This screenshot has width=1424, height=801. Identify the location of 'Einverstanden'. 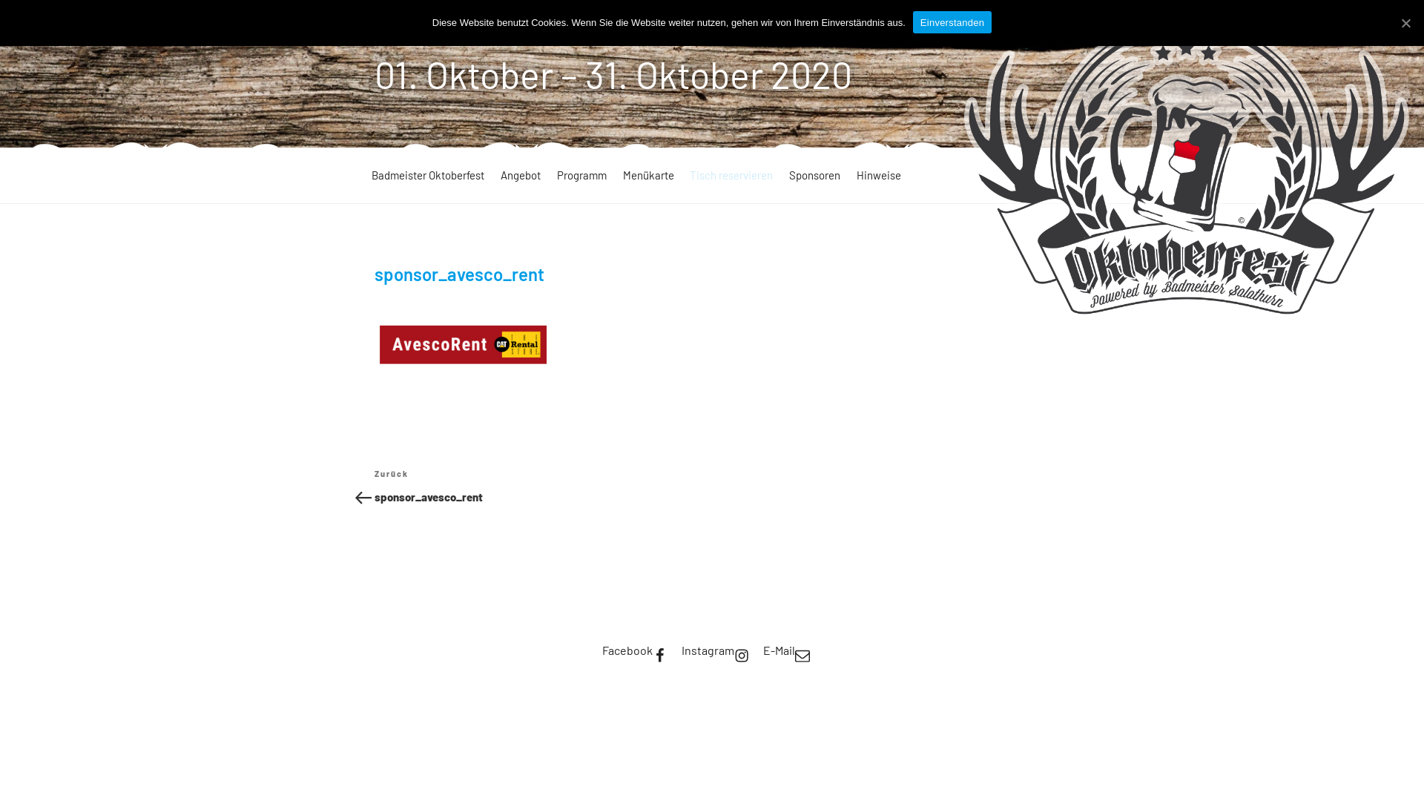
(952, 22).